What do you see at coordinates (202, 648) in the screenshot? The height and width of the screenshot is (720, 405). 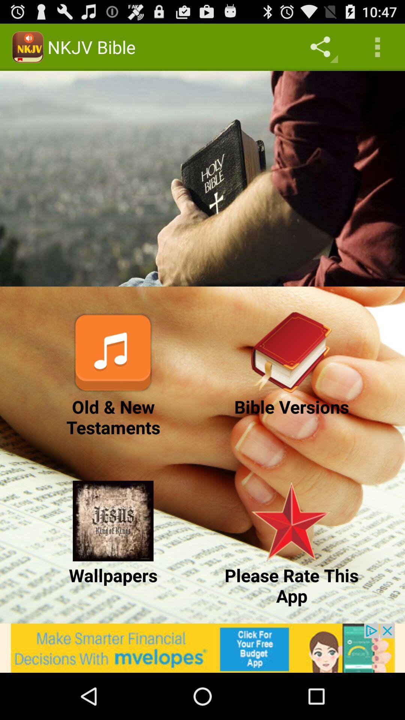 I see `view advertisements options` at bounding box center [202, 648].